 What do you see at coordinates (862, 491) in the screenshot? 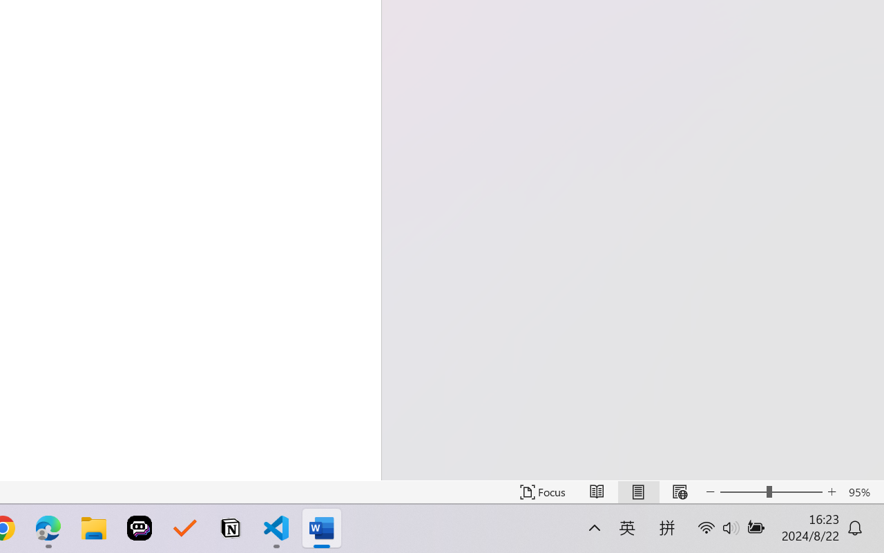
I see `'Zoom 95%'` at bounding box center [862, 491].